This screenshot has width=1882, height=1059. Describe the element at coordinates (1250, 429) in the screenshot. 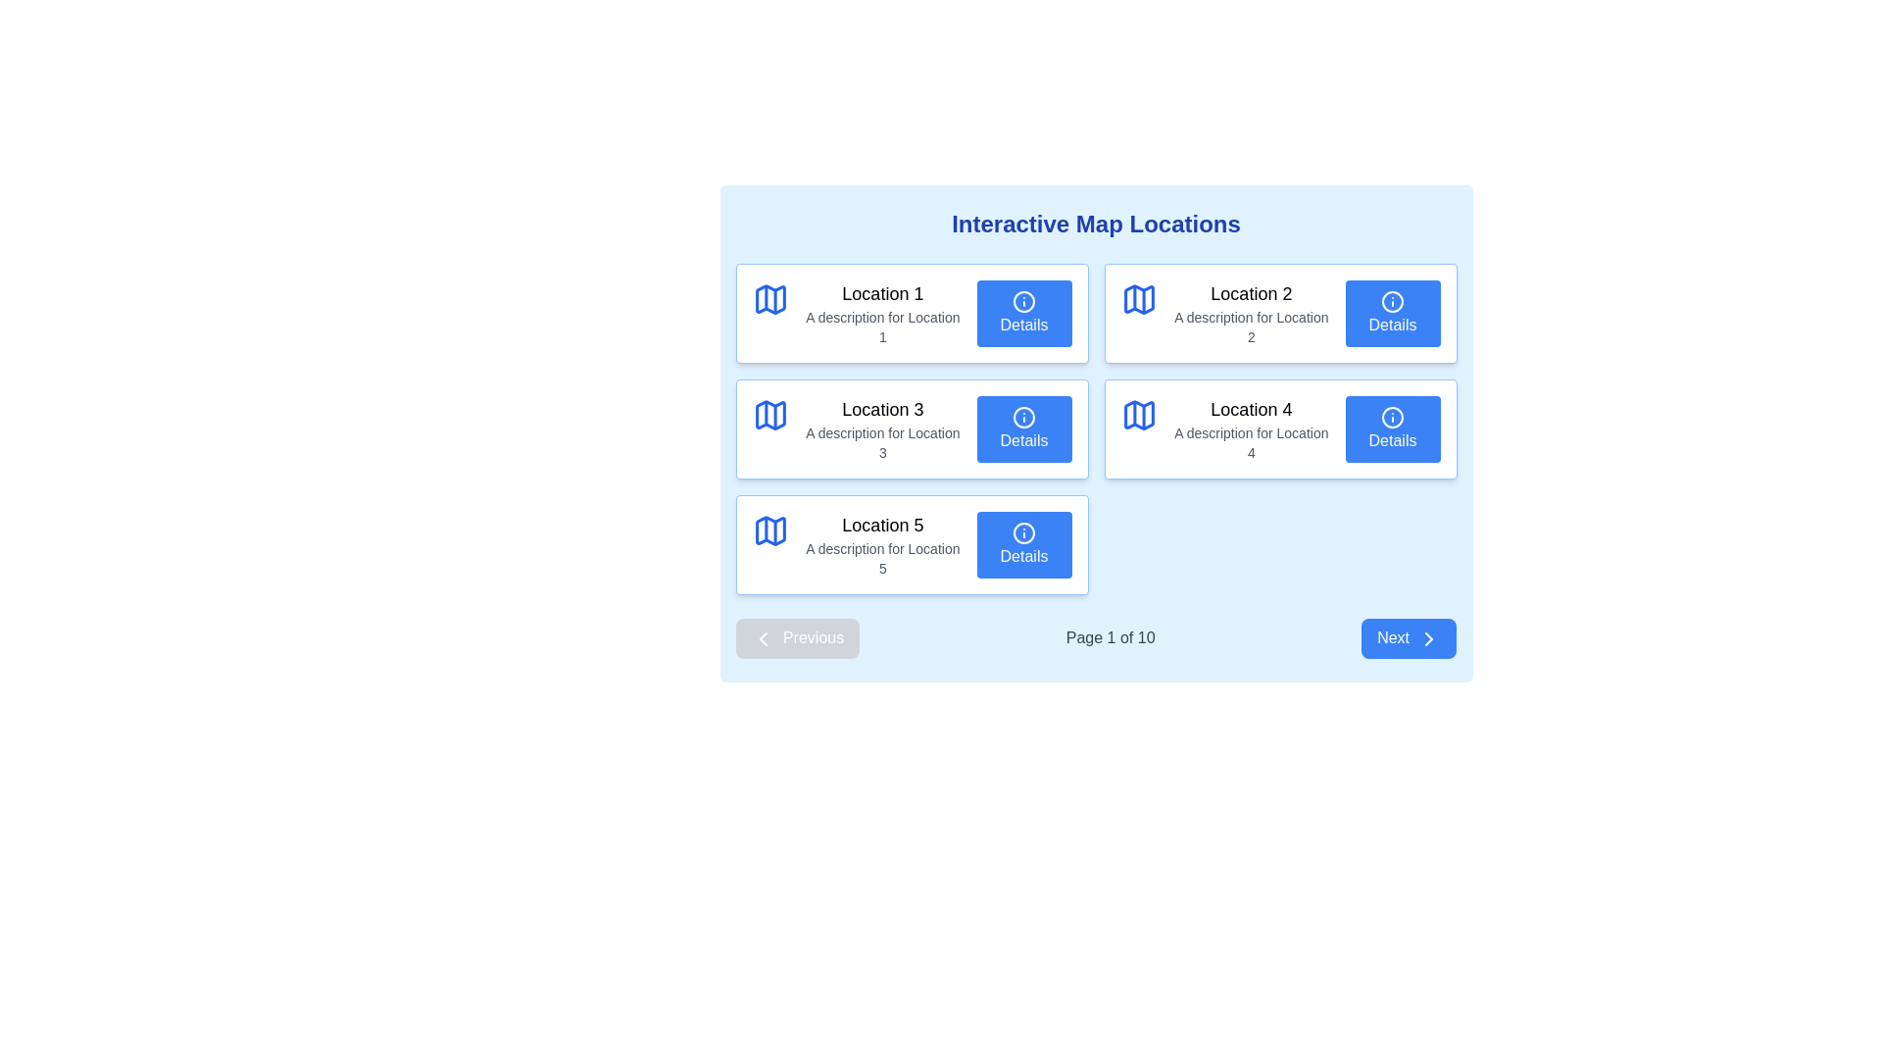

I see `the Text content block providing information about 'Location 4', which is positioned in the fourth position of a grid layout within the right column and second row, located between 'Location 3' and 'Location 5'` at that location.